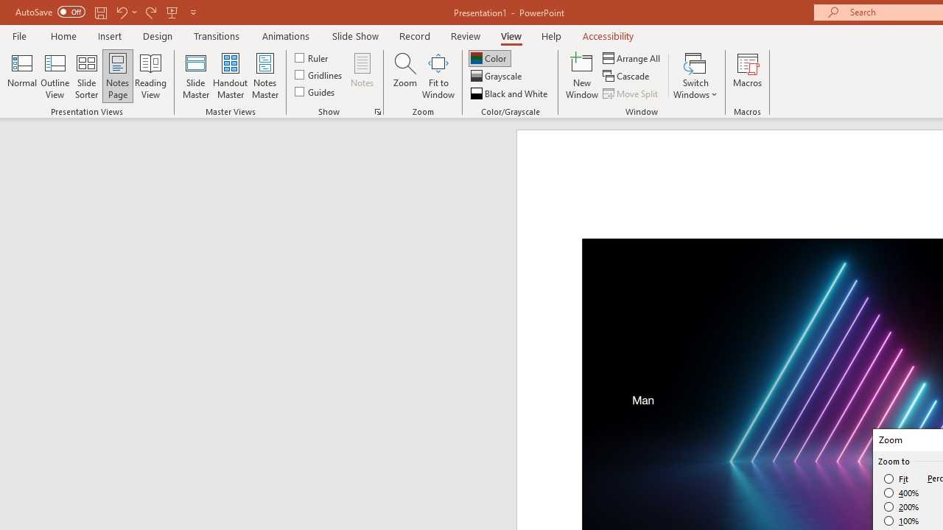 This screenshot has height=530, width=943. Describe the element at coordinates (901, 520) in the screenshot. I see `'100%'` at that location.